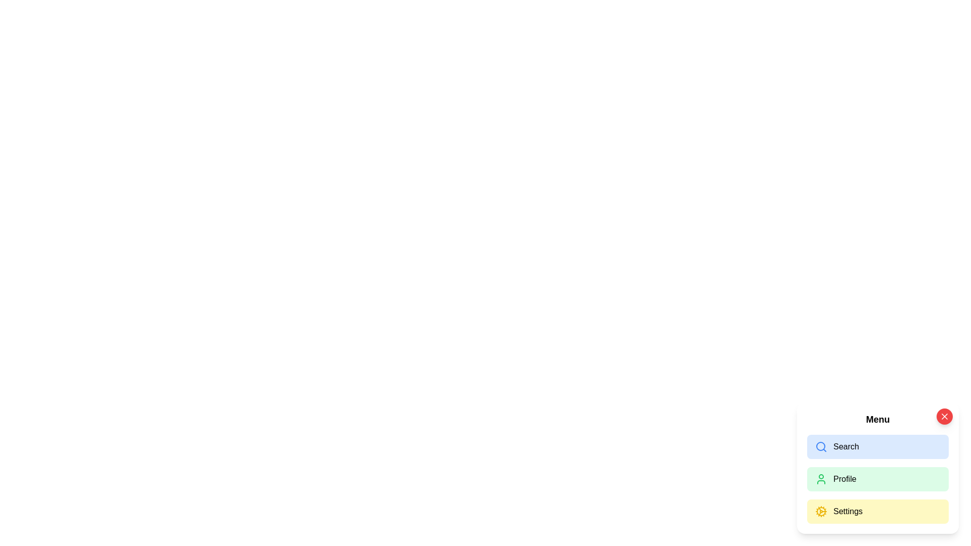 The height and width of the screenshot is (546, 971). Describe the element at coordinates (821, 479) in the screenshot. I see `the green-colored user icon within the 'Profile' button` at that location.